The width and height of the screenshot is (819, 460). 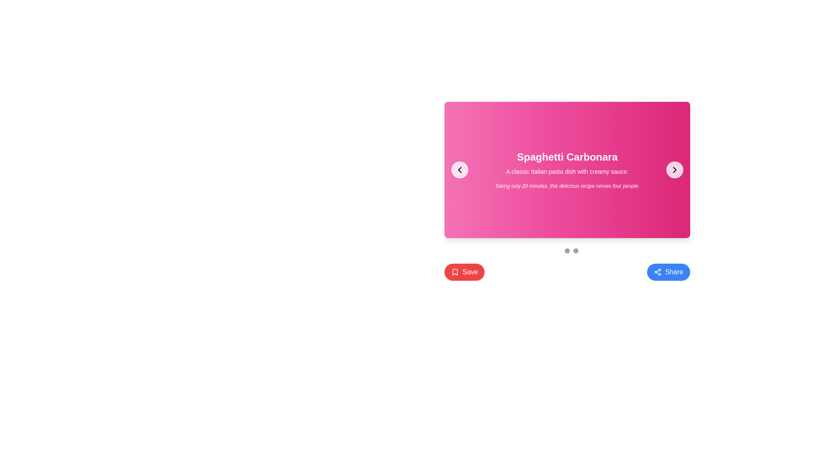 What do you see at coordinates (674, 170) in the screenshot?
I see `the right-chevron icon` at bounding box center [674, 170].